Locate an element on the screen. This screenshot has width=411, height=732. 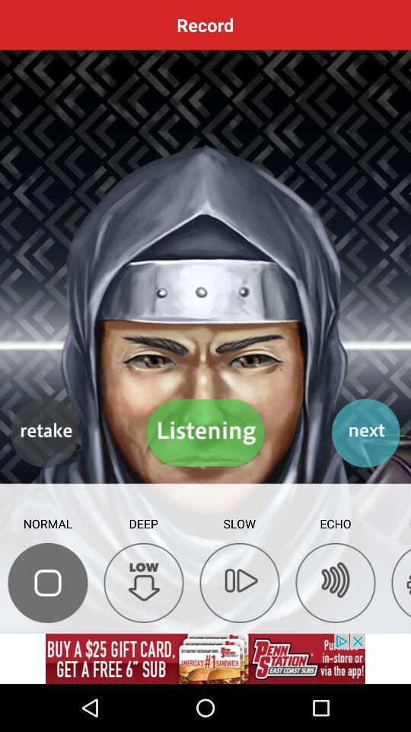
next is located at coordinates (365, 433).